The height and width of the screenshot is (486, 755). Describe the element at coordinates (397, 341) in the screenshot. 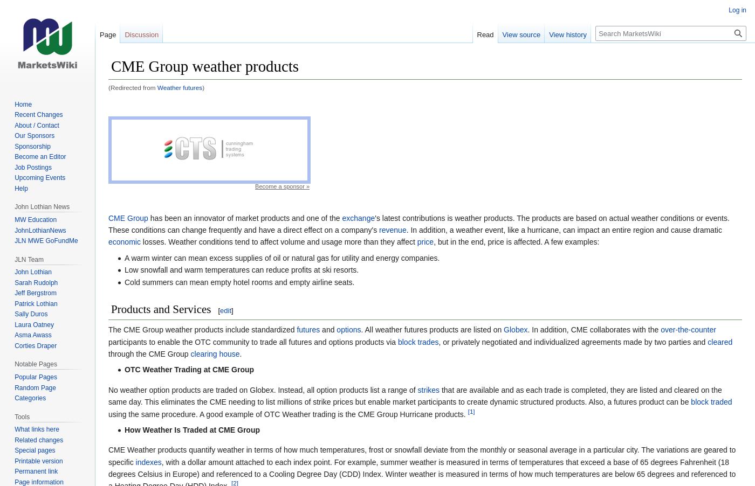

I see `'block trades'` at that location.